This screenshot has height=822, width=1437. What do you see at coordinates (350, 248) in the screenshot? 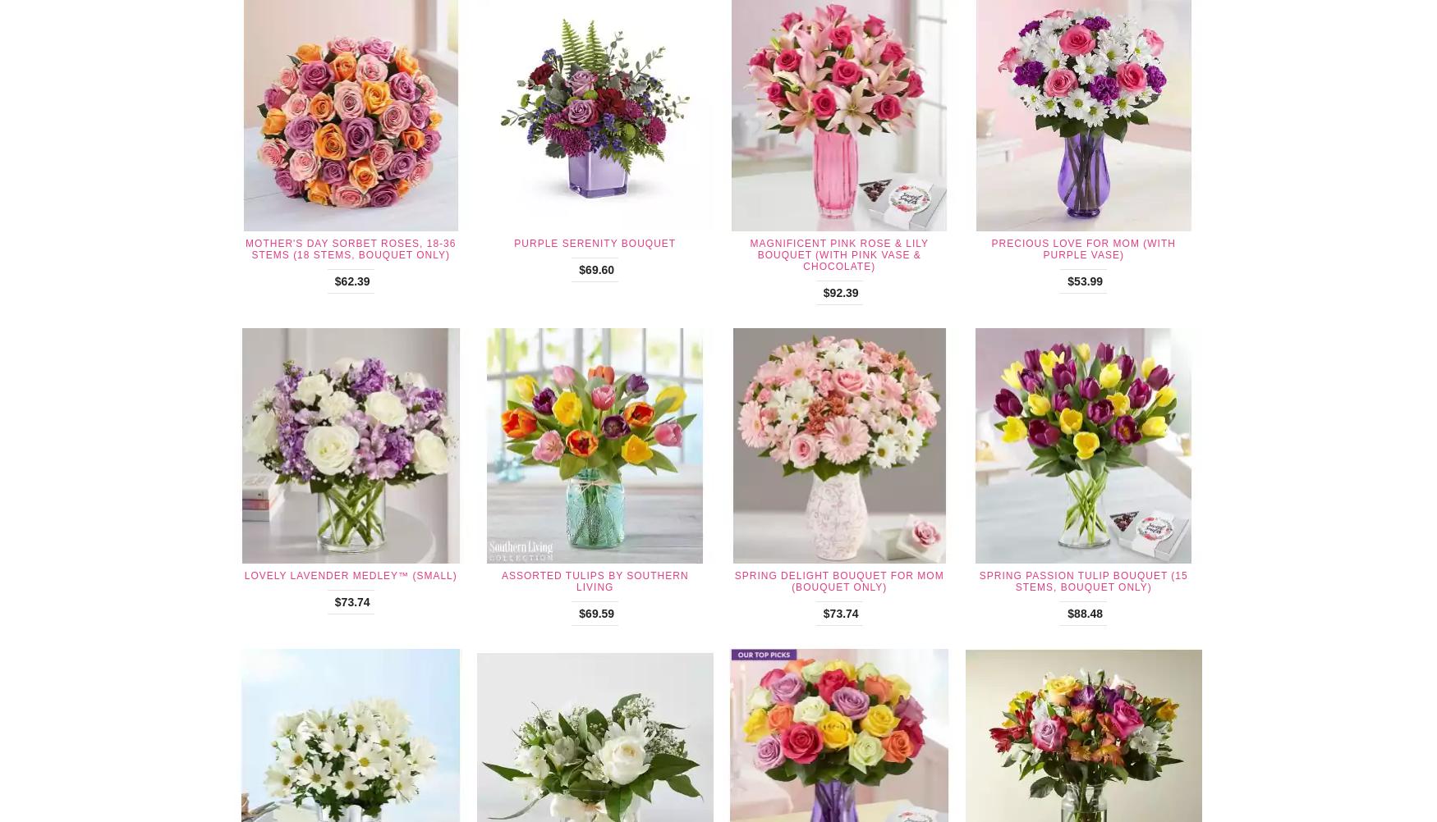
I see `'Mother's Day Sorbet Roses, 18-36 Stems (18 Stems, Bouquet Only)'` at bounding box center [350, 248].